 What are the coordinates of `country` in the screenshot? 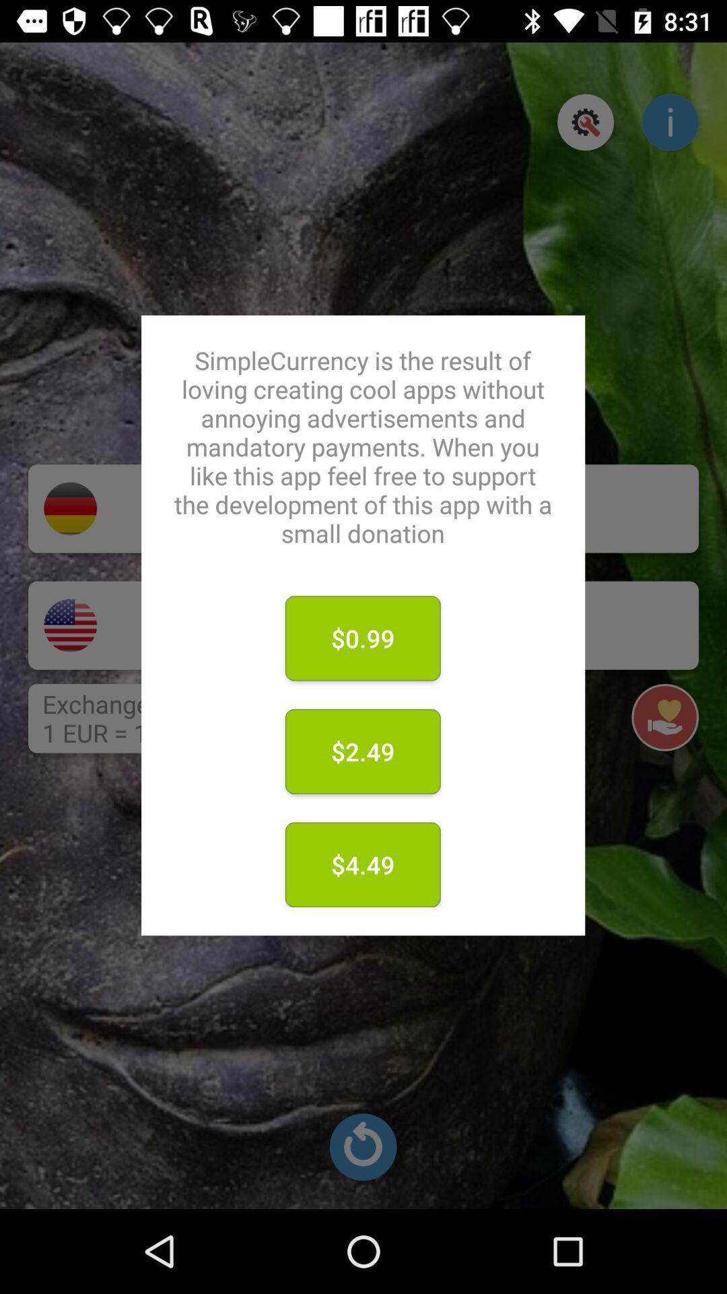 It's located at (70, 625).